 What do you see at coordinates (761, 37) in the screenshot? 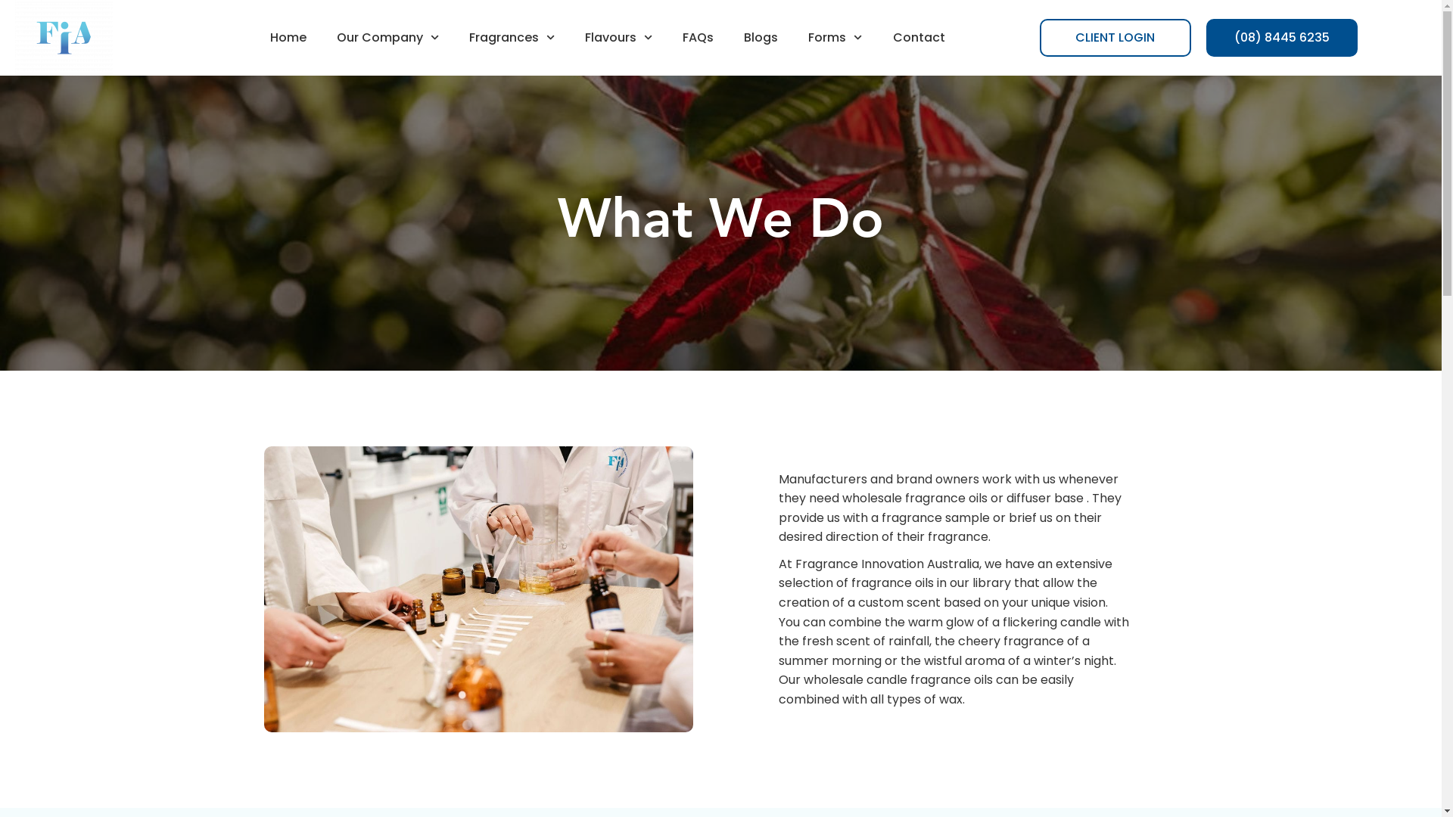
I see `'Blogs'` at bounding box center [761, 37].